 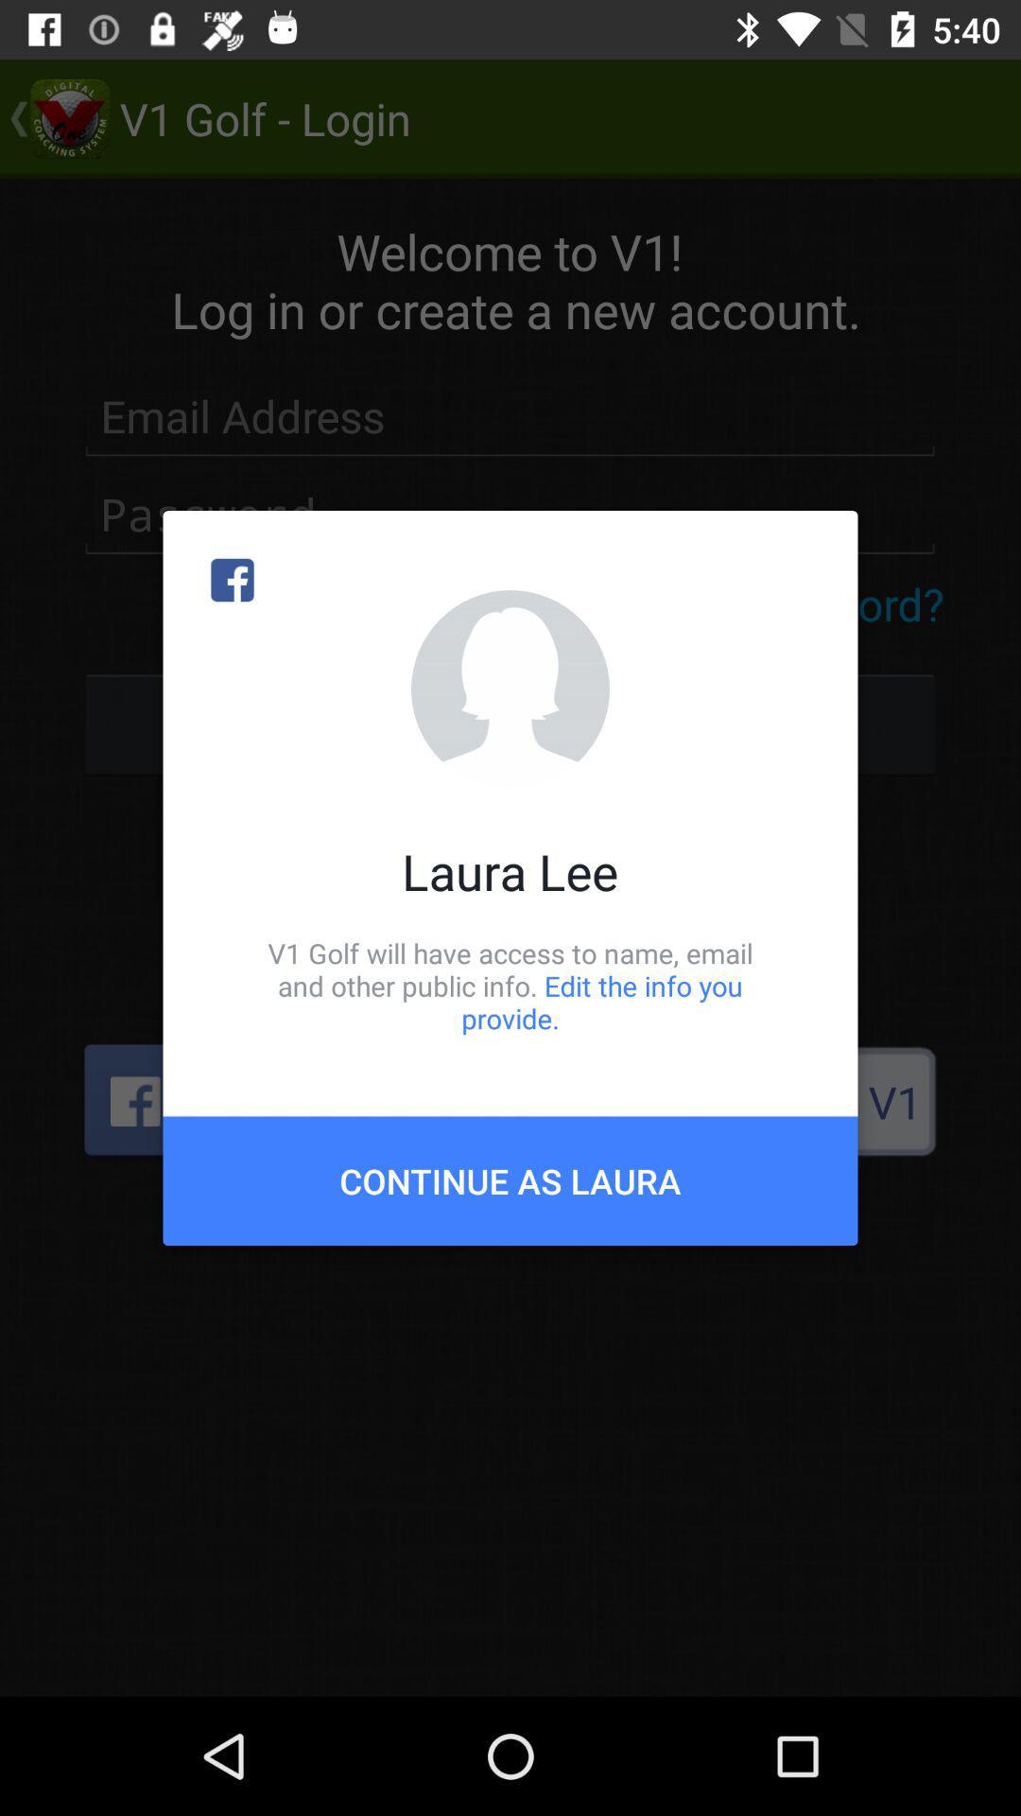 I want to click on v1 golf will icon, so click(x=510, y=985).